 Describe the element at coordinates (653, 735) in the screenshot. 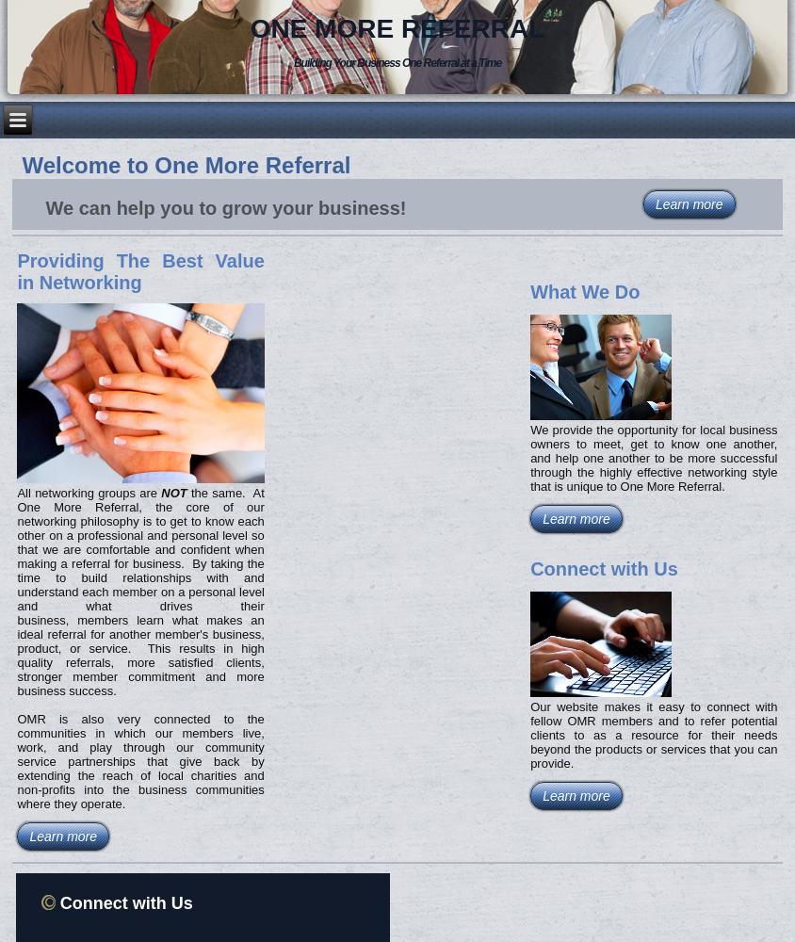

I see `'Our website makes it easy to connect with fellow OMR members and to refer potential clients to as a resource for their needs beyond the products or services that you can provide.'` at that location.